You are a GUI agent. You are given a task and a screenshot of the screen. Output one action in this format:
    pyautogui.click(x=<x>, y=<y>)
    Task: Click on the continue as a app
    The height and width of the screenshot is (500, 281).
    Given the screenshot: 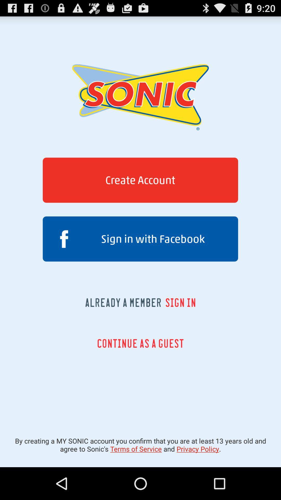 What is the action you would take?
    pyautogui.click(x=140, y=343)
    